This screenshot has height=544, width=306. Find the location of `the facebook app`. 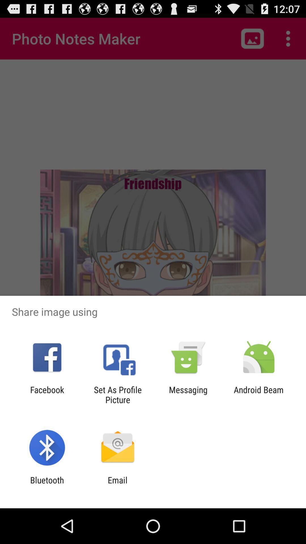

the facebook app is located at coordinates (47, 394).